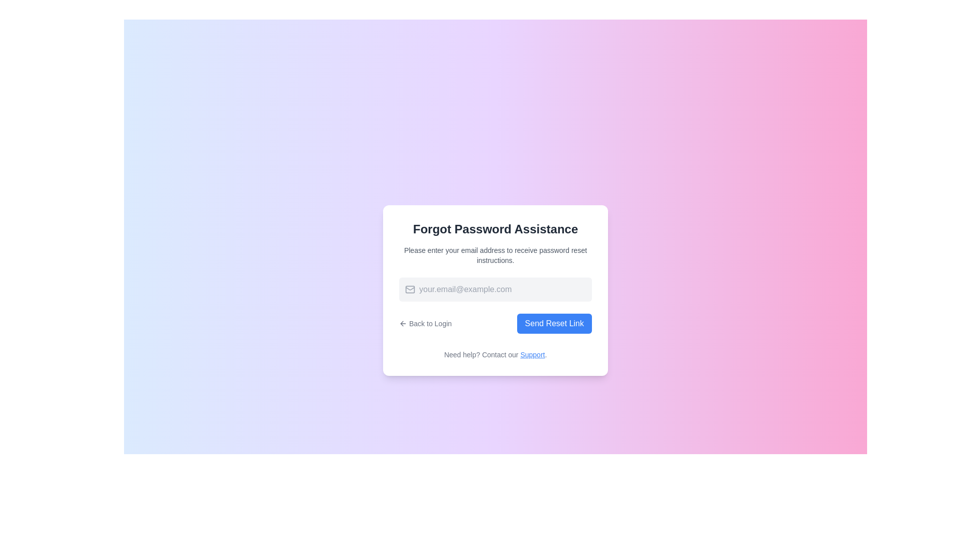  What do you see at coordinates (496, 354) in the screenshot?
I see `the hyperlink text located at the bottom of the 'Forgot Password Assistance' card` at bounding box center [496, 354].